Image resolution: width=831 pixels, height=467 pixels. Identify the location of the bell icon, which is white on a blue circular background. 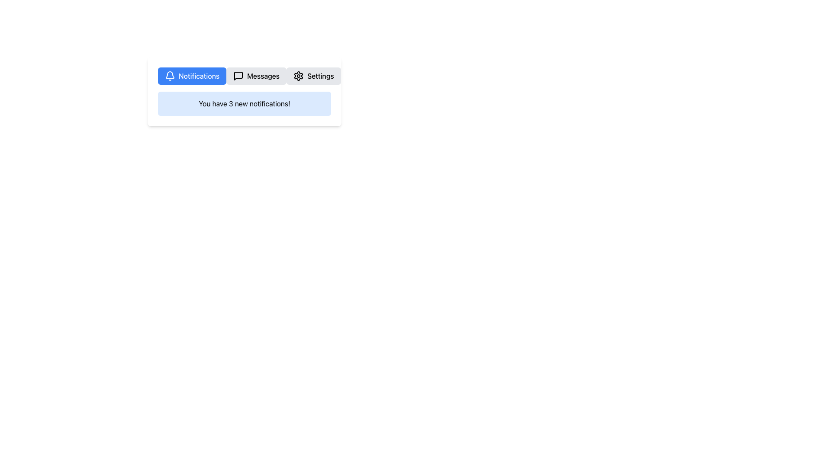
(170, 76).